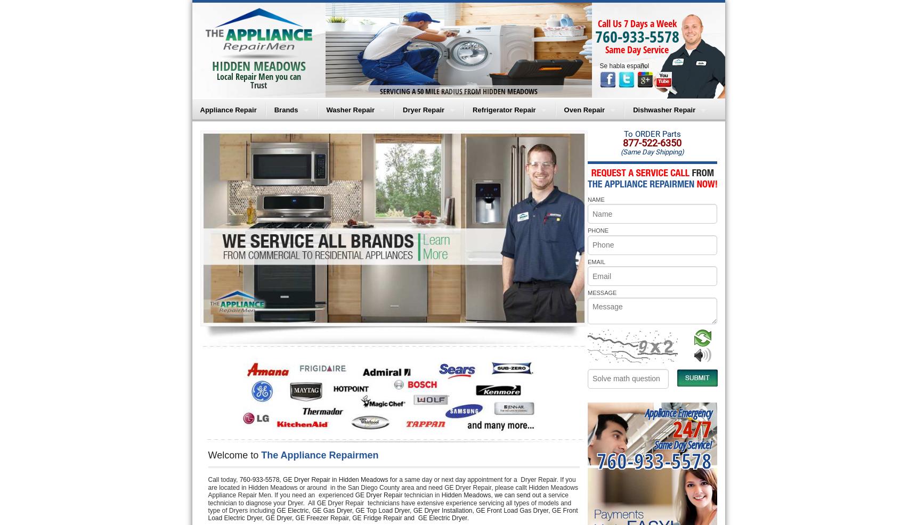 The width and height of the screenshot is (917, 525). What do you see at coordinates (457, 91) in the screenshot?
I see `'SERVICING A 50 MILE RADIUS FROM HIDDEN MEADOWS'` at bounding box center [457, 91].